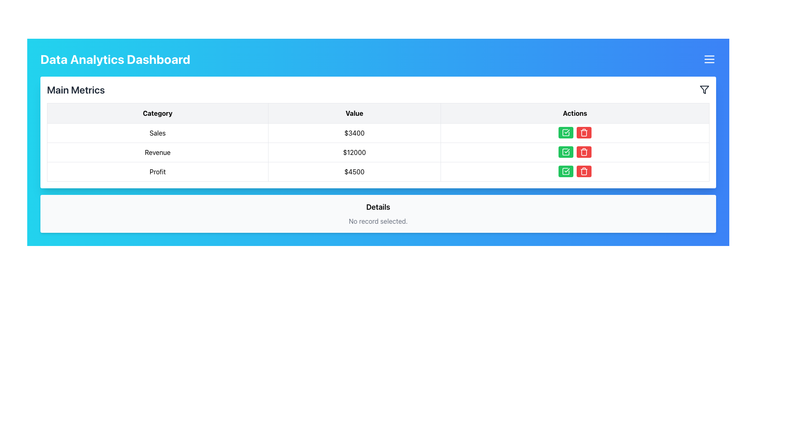 This screenshot has height=445, width=792. What do you see at coordinates (566, 171) in the screenshot?
I see `the third marking icon in the 'Actions' column corresponding to the 'Profit' row` at bounding box center [566, 171].